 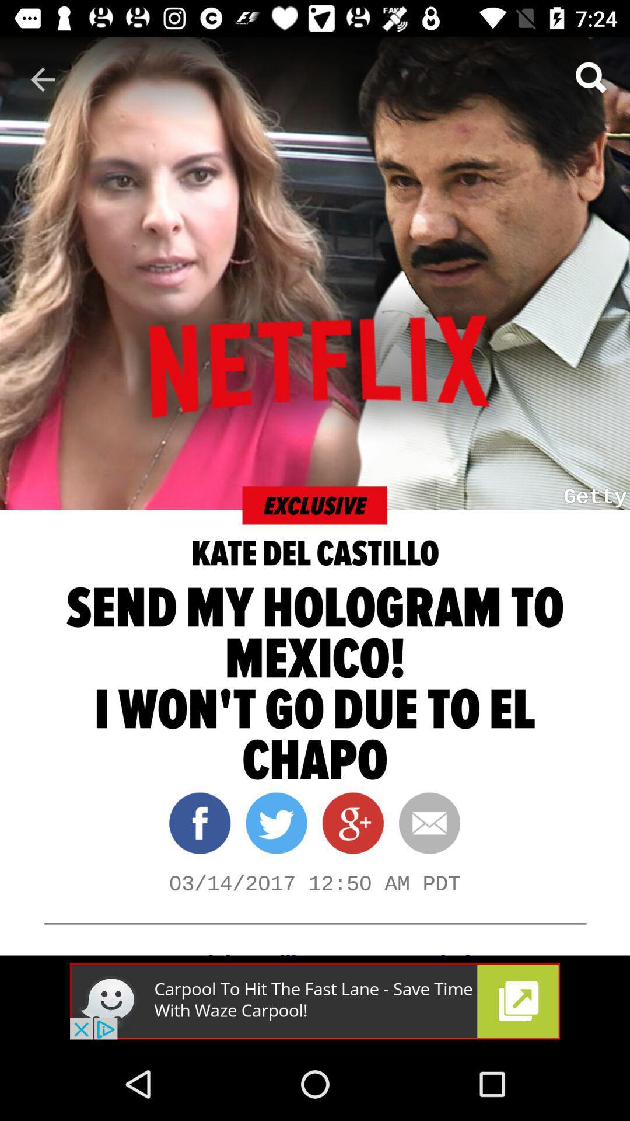 What do you see at coordinates (268, 823) in the screenshot?
I see `the twitter icon` at bounding box center [268, 823].